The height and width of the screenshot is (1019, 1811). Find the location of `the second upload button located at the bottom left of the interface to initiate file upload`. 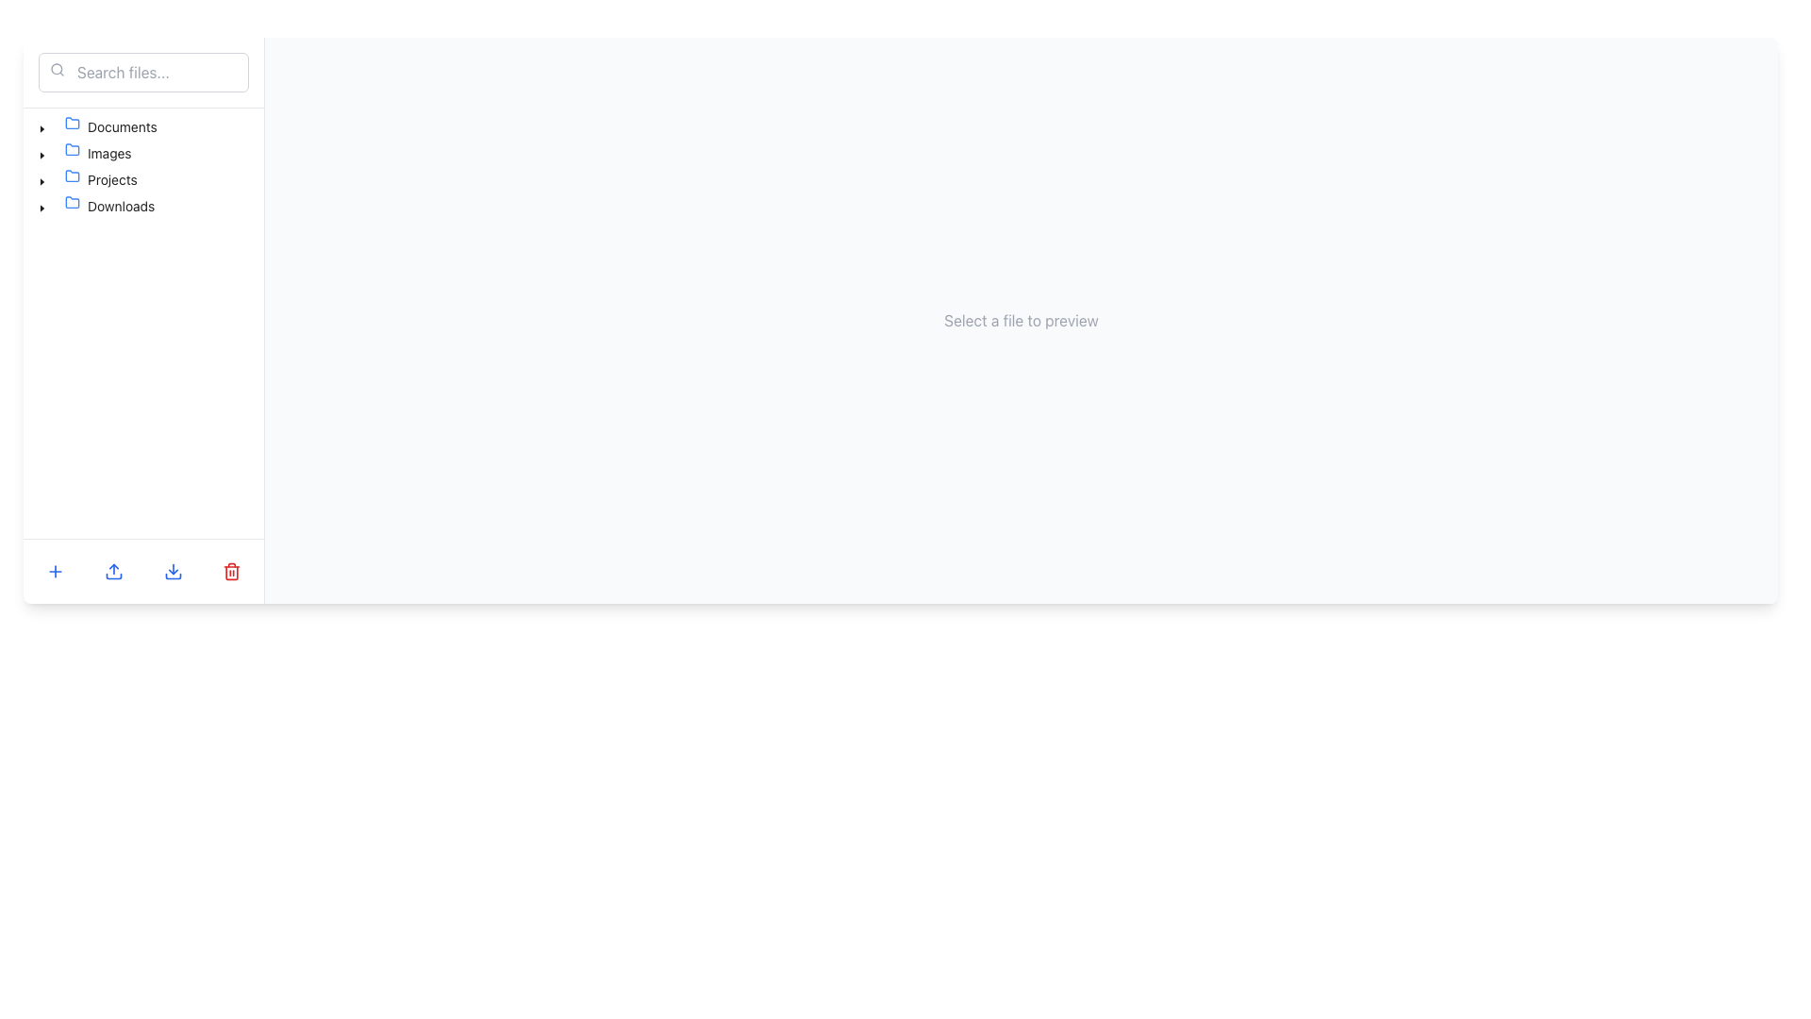

the second upload button located at the bottom left of the interface to initiate file upload is located at coordinates (113, 570).